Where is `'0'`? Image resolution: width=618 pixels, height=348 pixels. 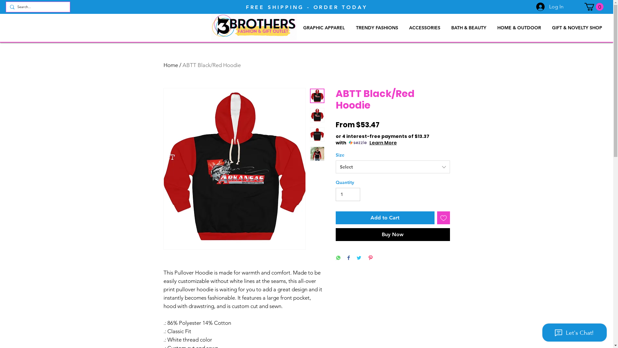 '0' is located at coordinates (594, 6).